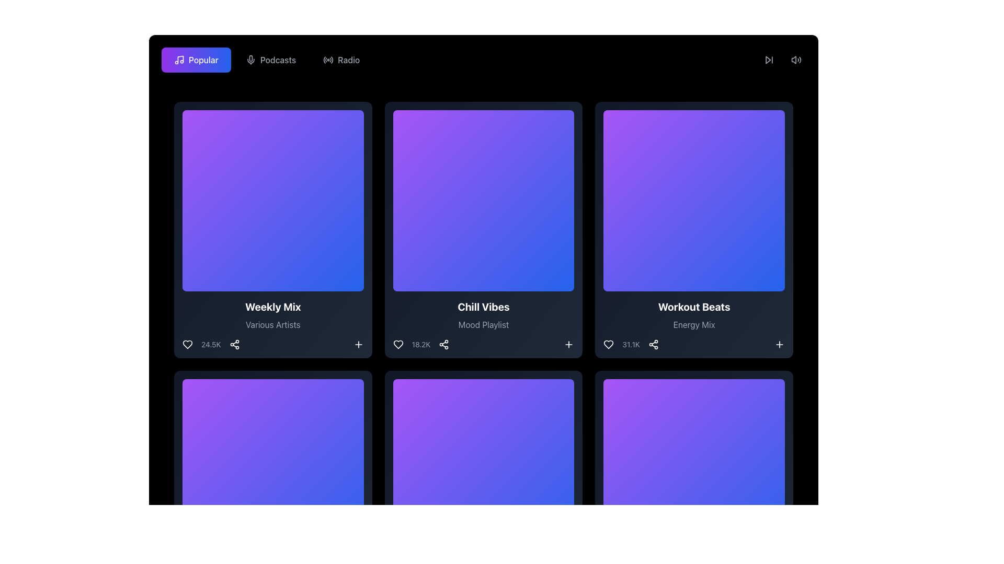 This screenshot has width=1004, height=564. What do you see at coordinates (358, 344) in the screenshot?
I see `the Icon Button located at the bottom-right corner of the 'Weekly Mix' card` at bounding box center [358, 344].